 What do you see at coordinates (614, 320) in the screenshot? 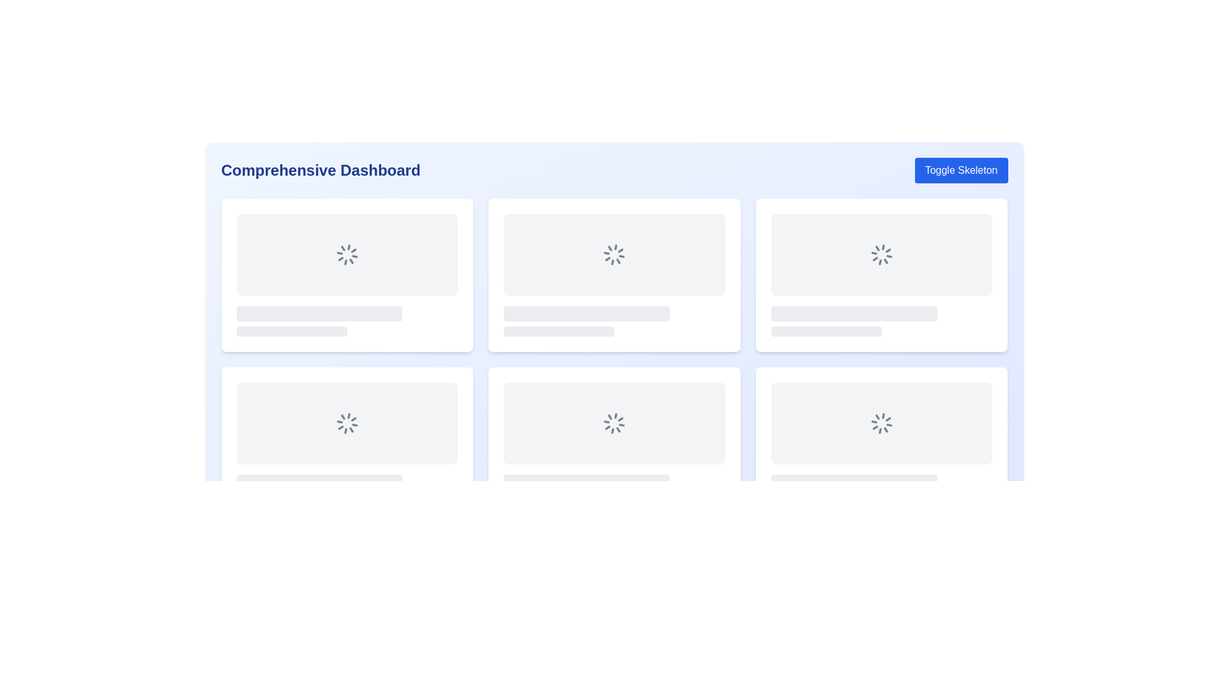
I see `the non-interactive placeholder block located in the central card on the second row of a grid layout, which indicates that content is loading` at bounding box center [614, 320].